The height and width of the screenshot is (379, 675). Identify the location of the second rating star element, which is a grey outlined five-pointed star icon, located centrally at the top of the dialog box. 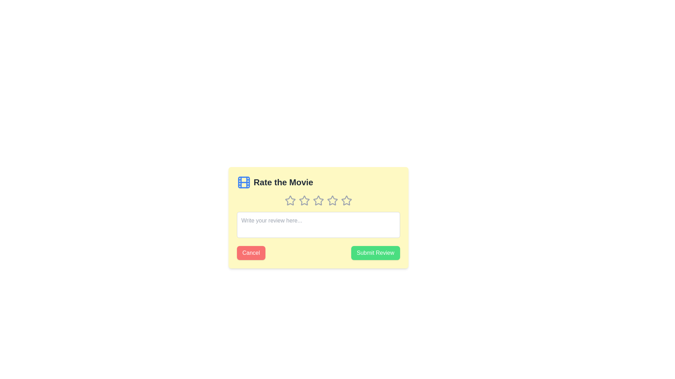
(304, 200).